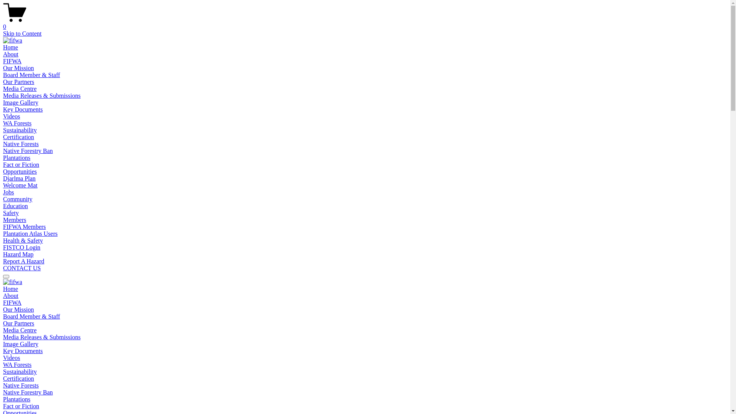  I want to click on 'Jobs', so click(3, 192).